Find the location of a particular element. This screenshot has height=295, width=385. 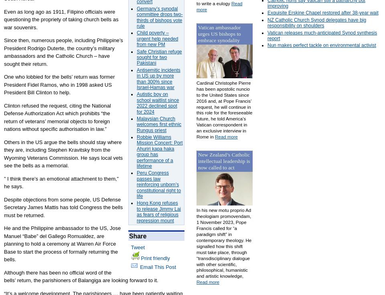

'Tweet' is located at coordinates (138, 247).